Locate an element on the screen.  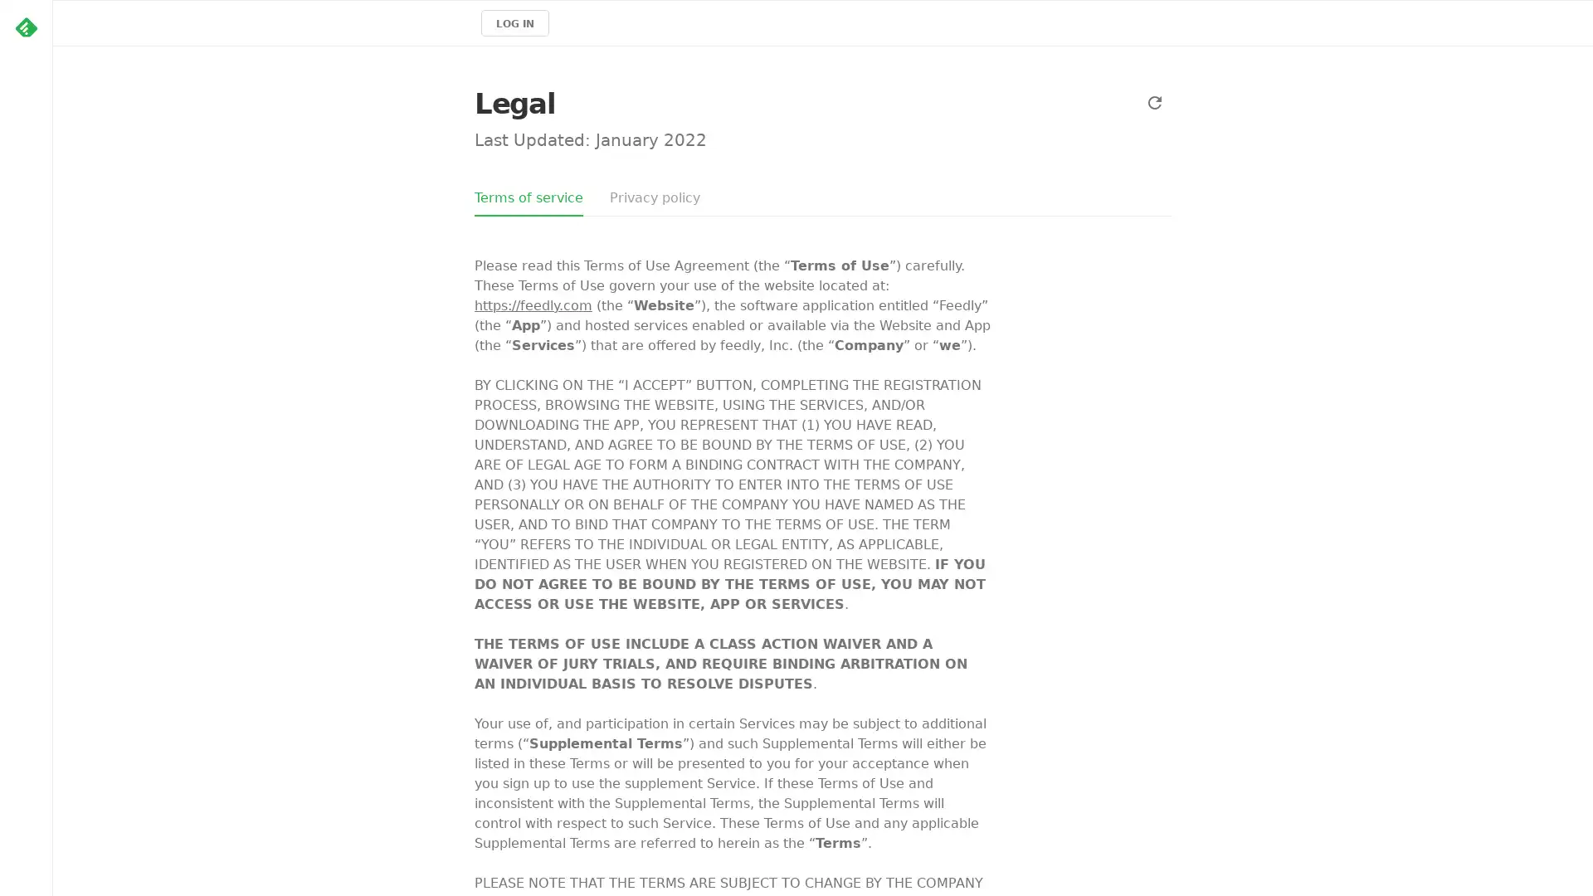
LOG IN is located at coordinates (202, 182).